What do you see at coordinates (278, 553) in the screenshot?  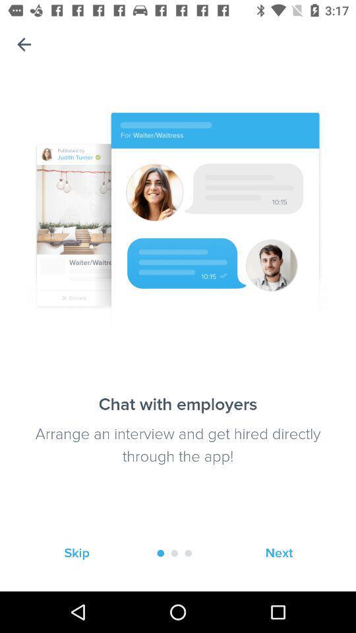 I see `next item` at bounding box center [278, 553].